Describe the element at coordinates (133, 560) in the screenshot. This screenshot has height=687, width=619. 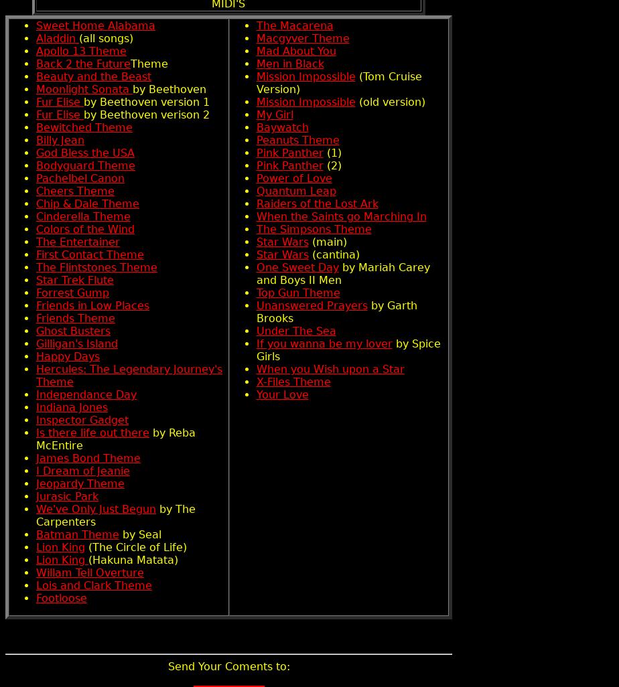
I see `'(Hakuna Matata)'` at that location.